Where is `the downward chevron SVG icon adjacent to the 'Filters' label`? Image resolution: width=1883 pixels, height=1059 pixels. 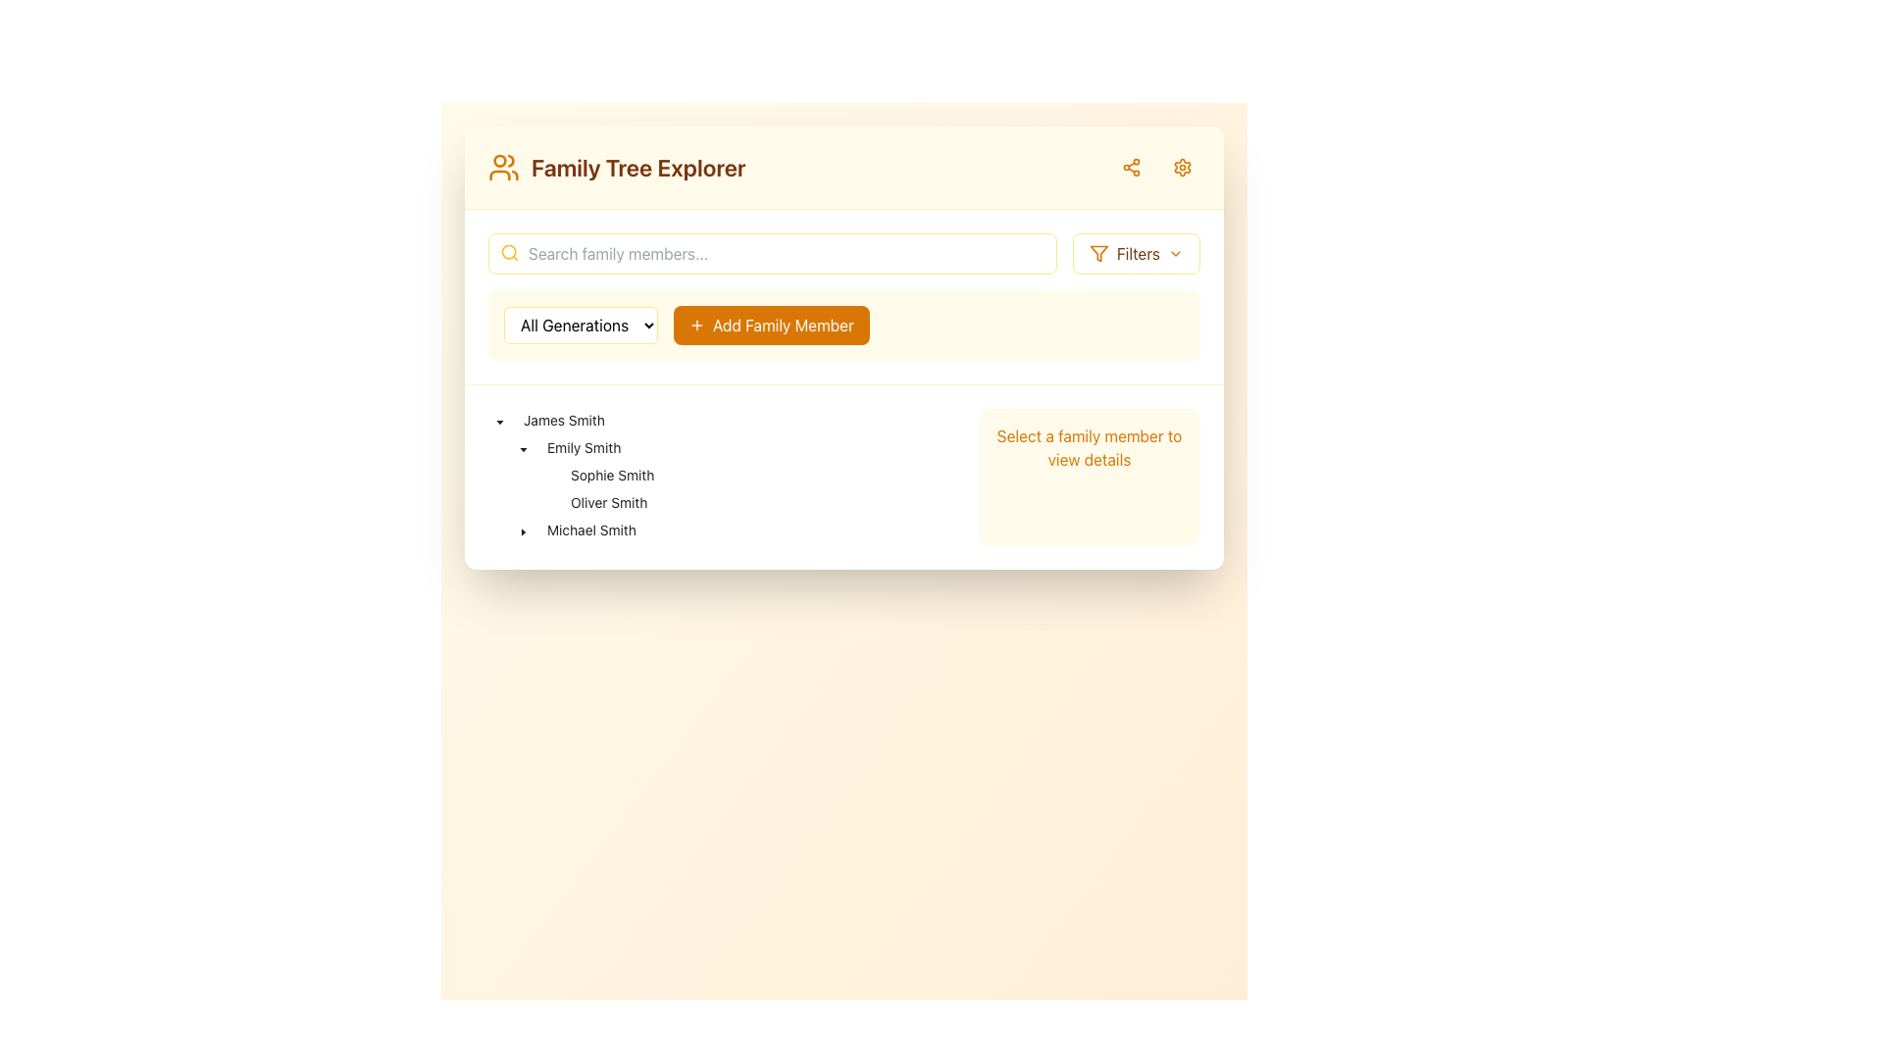
the downward chevron SVG icon adjacent to the 'Filters' label is located at coordinates (1176, 252).